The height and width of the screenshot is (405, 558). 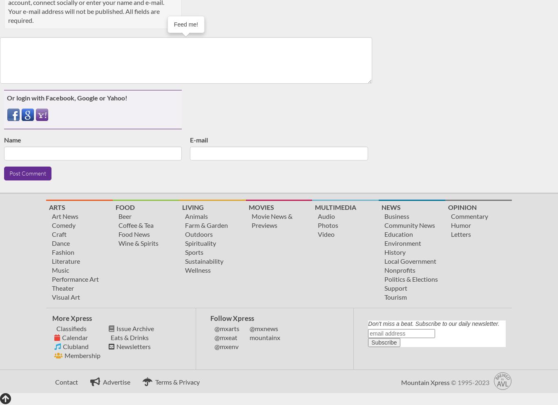 What do you see at coordinates (199, 139) in the screenshot?
I see `'E-mail'` at bounding box center [199, 139].